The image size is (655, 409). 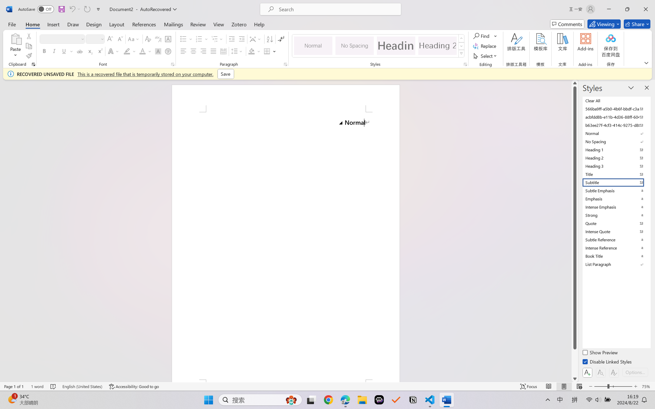 I want to click on 'List Paragraph', so click(x=616, y=264).